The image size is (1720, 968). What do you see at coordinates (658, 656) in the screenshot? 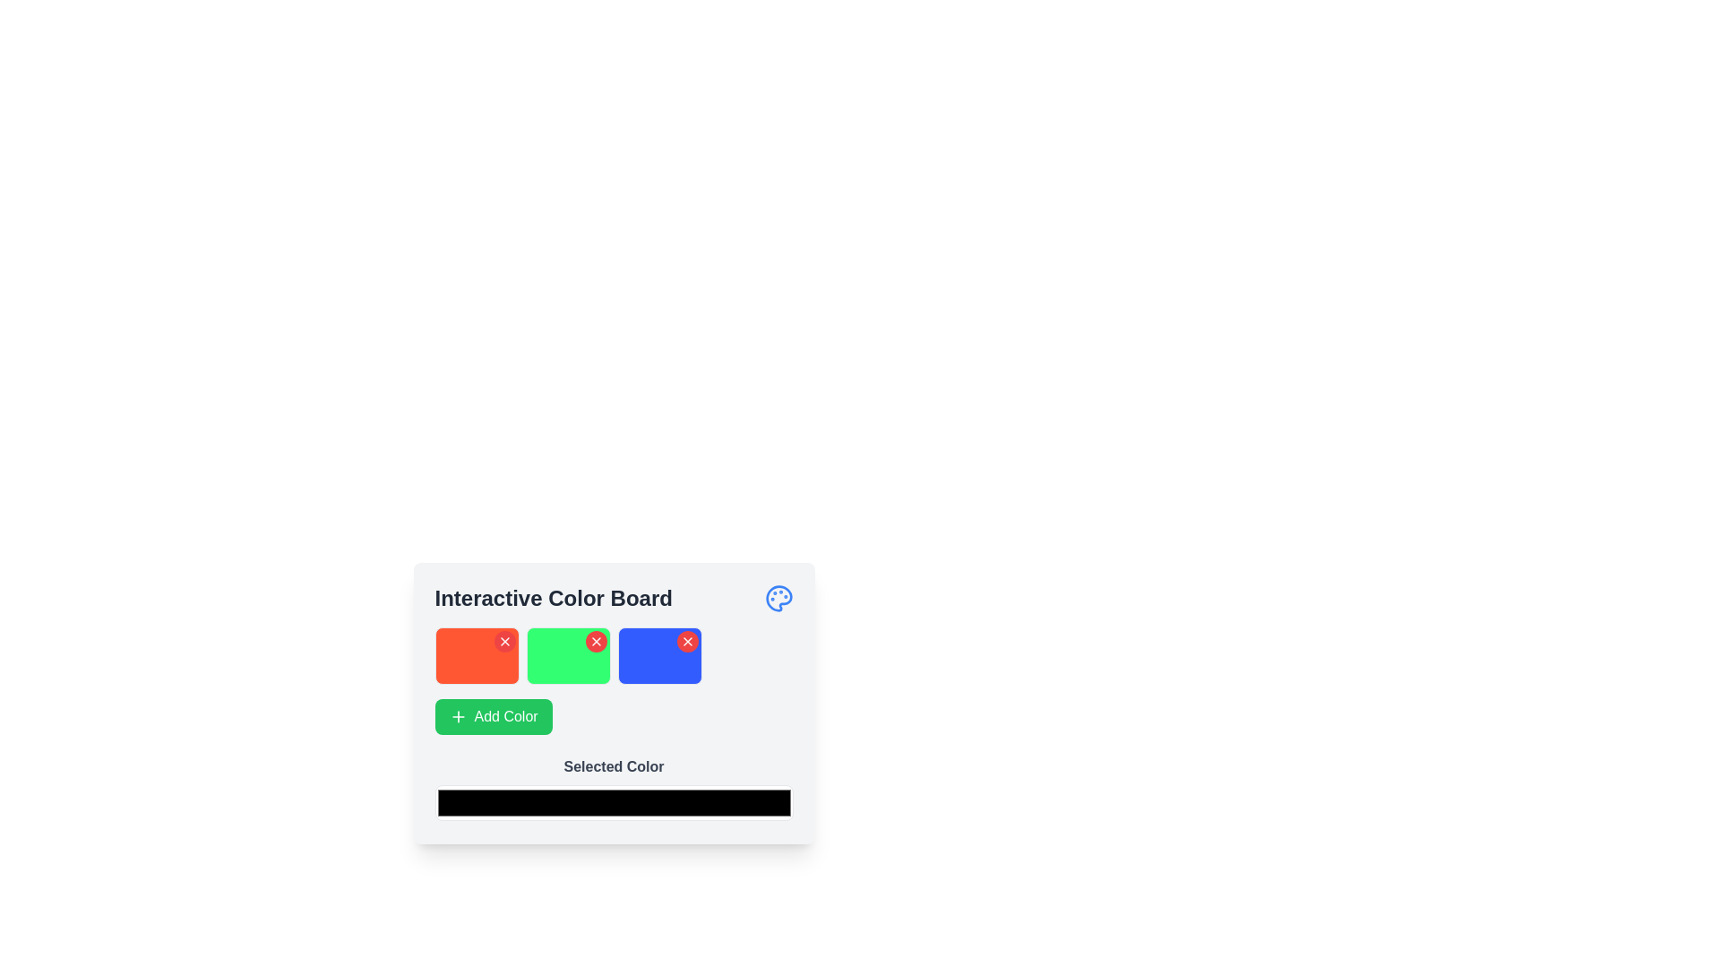
I see `the red button located at the corner of the third colored block in the 'Interactive Color Board'` at bounding box center [658, 656].